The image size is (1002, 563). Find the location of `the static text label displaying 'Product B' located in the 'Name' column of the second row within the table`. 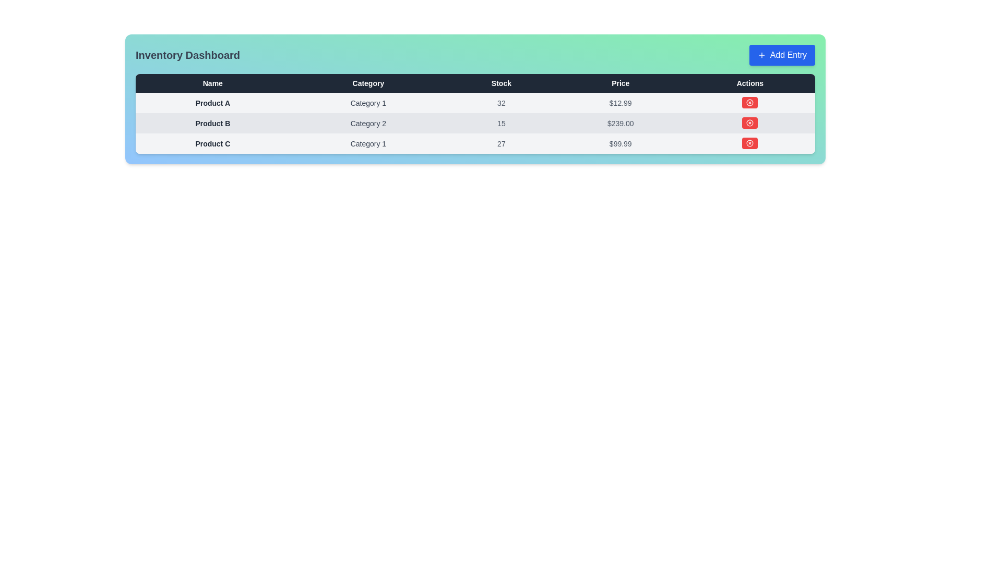

the static text label displaying 'Product B' located in the 'Name' column of the second row within the table is located at coordinates (212, 123).